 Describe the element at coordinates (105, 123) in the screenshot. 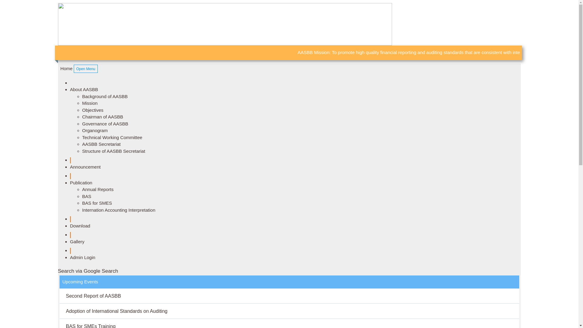

I see `'Governance of AASBB'` at that location.